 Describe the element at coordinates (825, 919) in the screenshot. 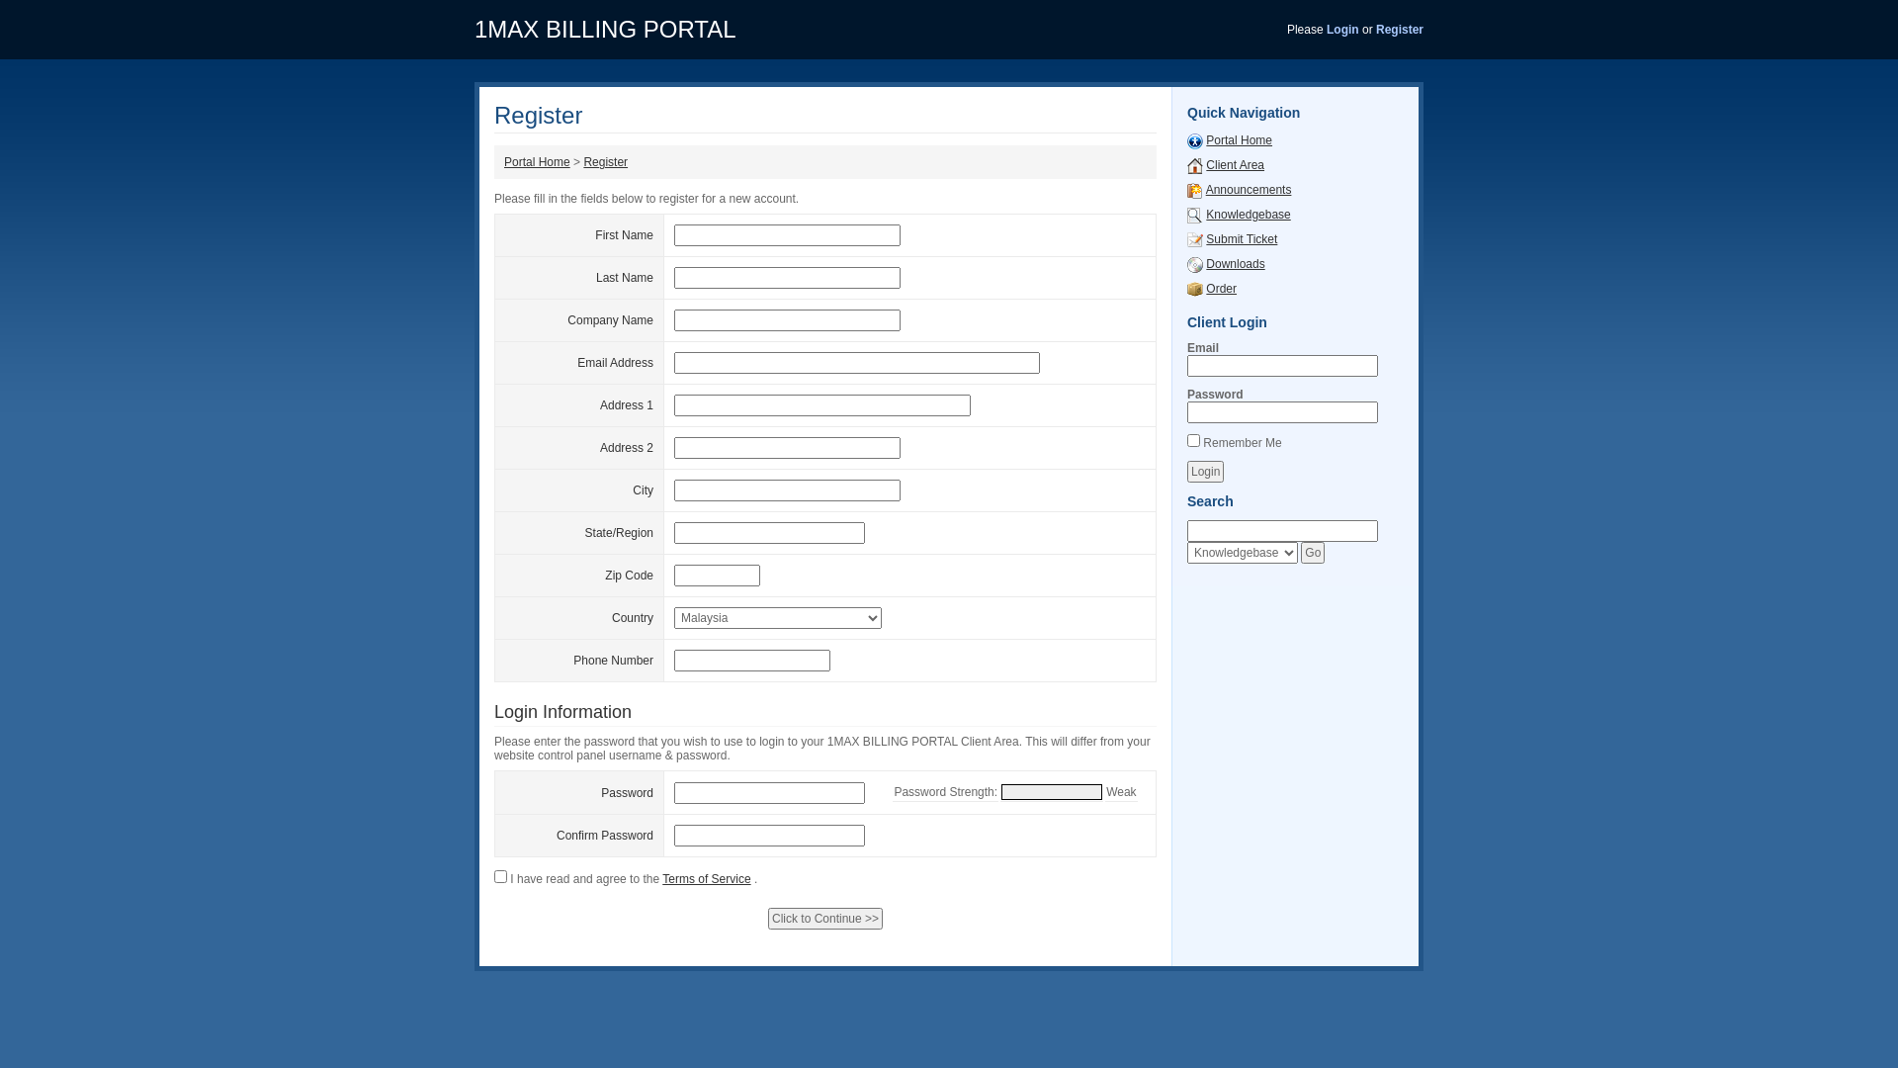

I see `'Click to Continue >>'` at that location.